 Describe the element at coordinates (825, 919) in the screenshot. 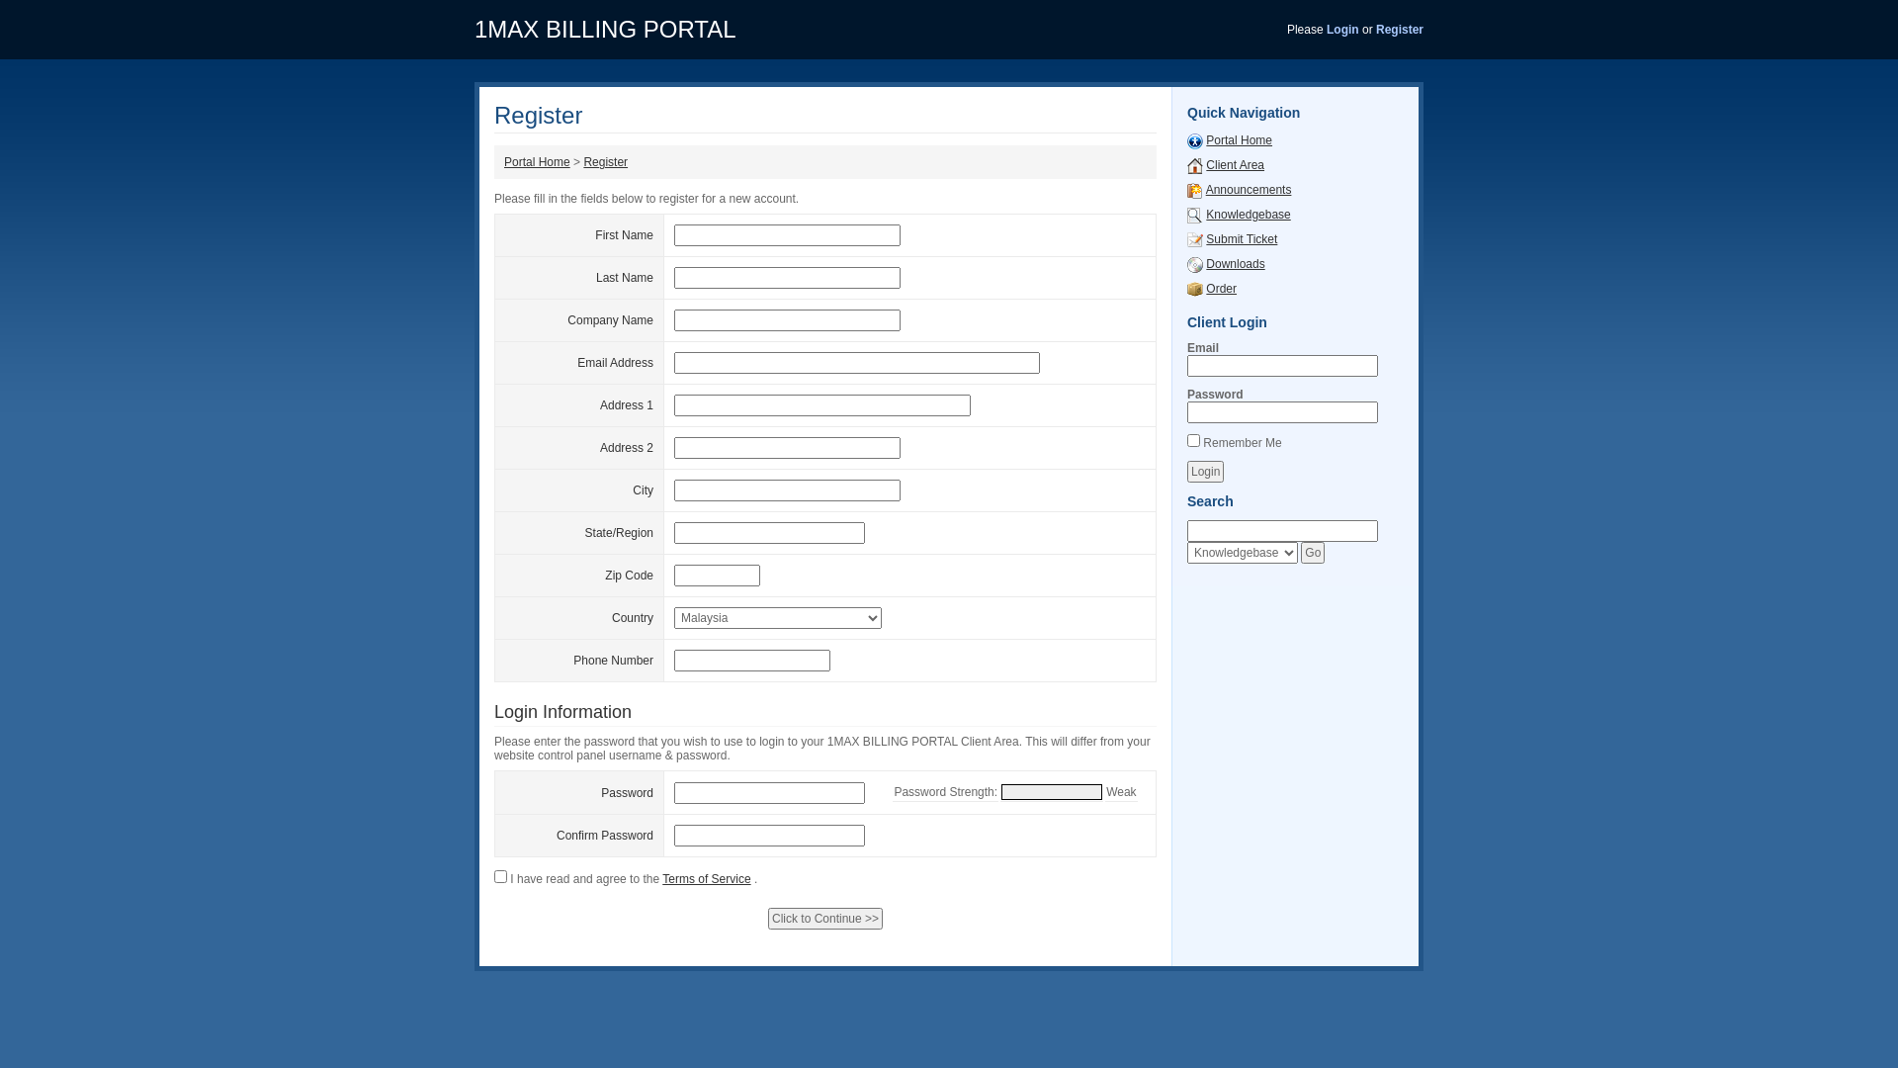

I see `'Click to Continue >>'` at that location.